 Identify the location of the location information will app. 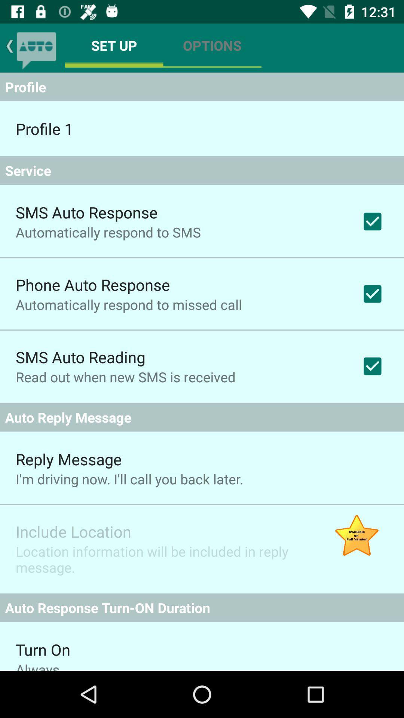
(162, 559).